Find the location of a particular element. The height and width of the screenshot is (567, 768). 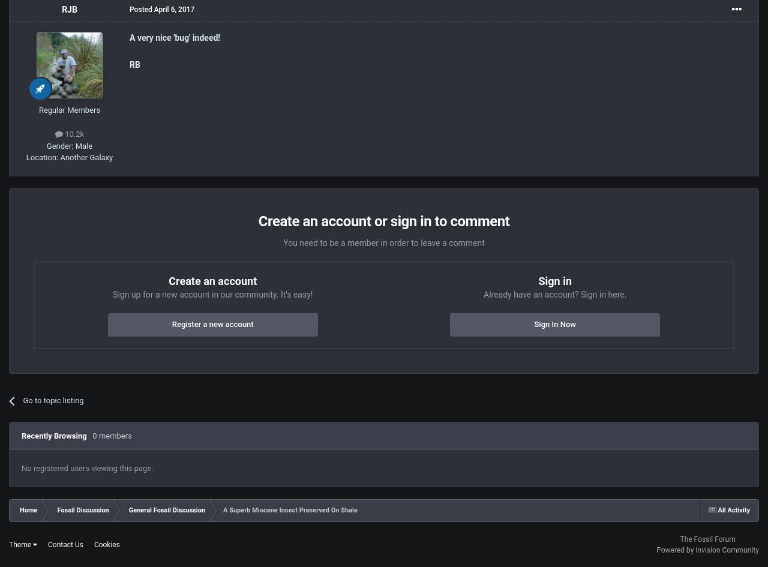

'A Superb Miocene Insect Preserved On Shale' is located at coordinates (290, 509).